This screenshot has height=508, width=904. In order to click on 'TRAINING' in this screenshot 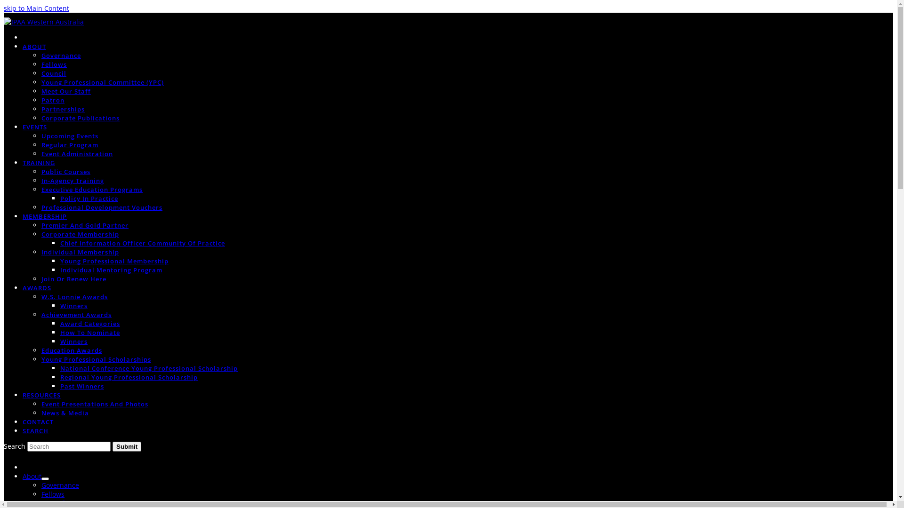, I will do `click(38, 162)`.